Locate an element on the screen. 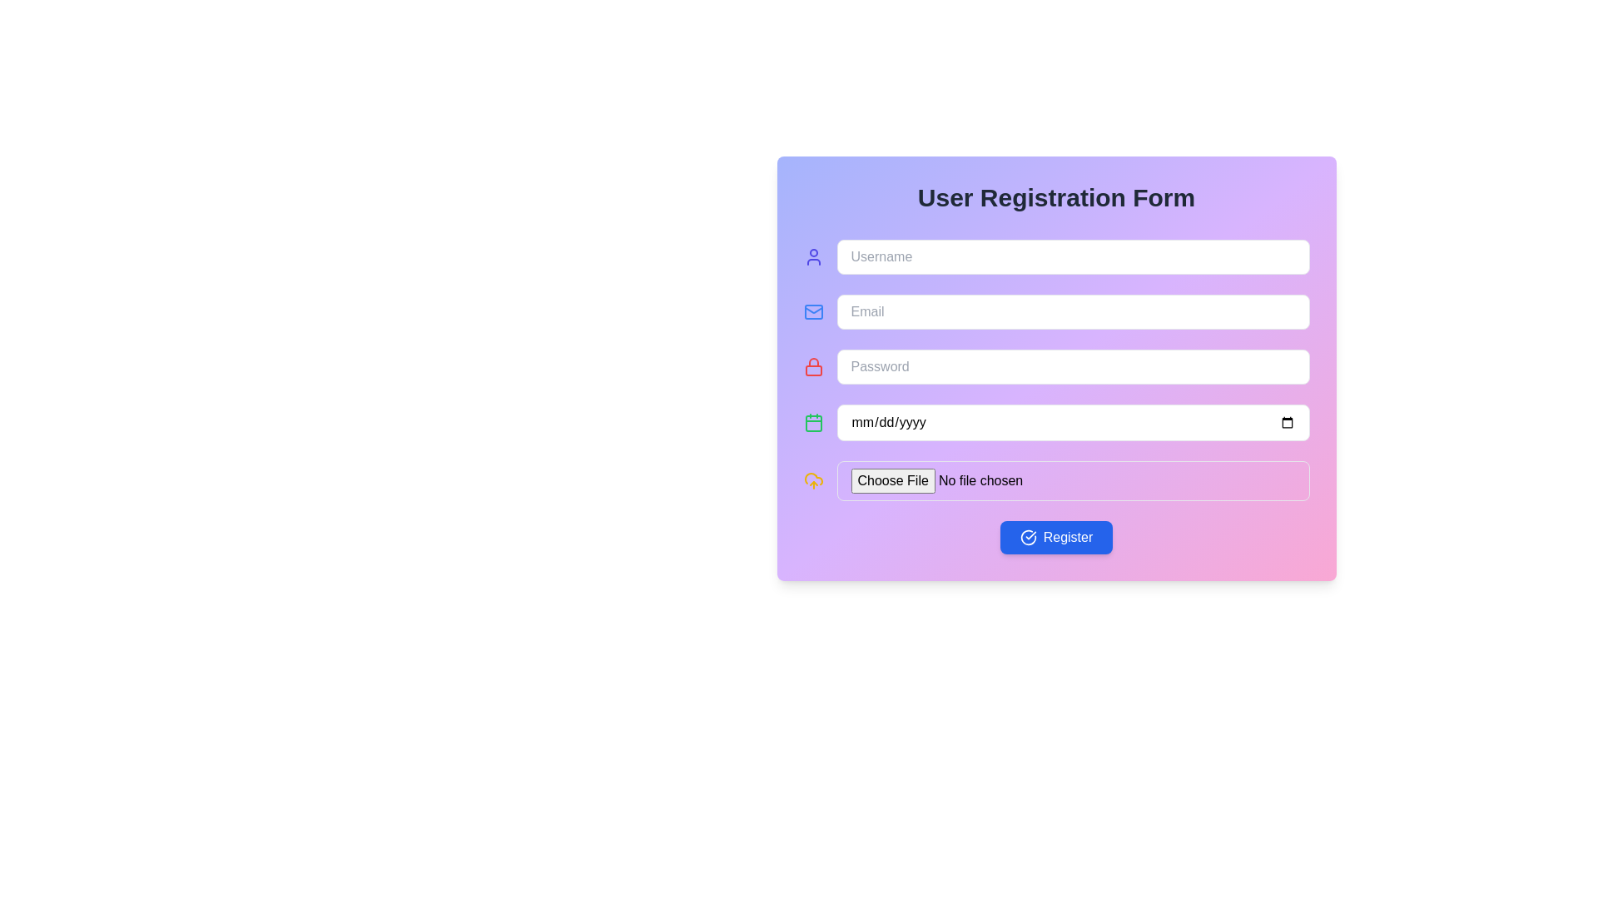  the date picker icon located to the left of the date input field is located at coordinates (813, 422).